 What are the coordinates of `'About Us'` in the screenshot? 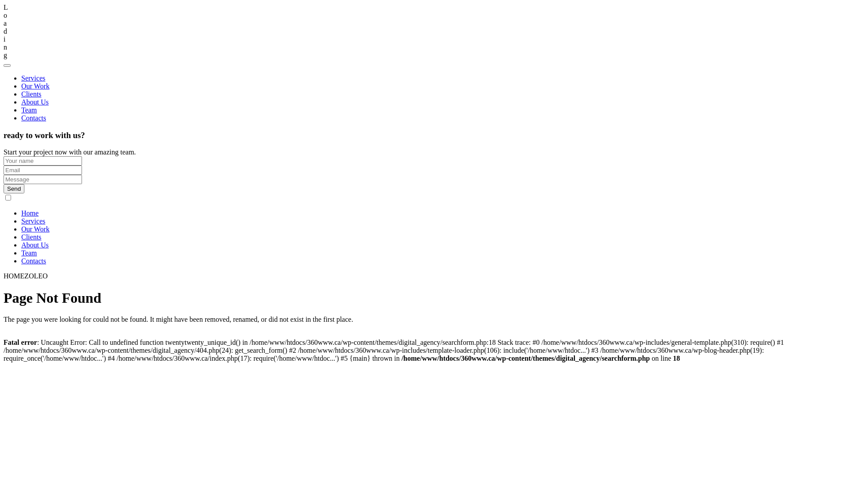 It's located at (35, 245).